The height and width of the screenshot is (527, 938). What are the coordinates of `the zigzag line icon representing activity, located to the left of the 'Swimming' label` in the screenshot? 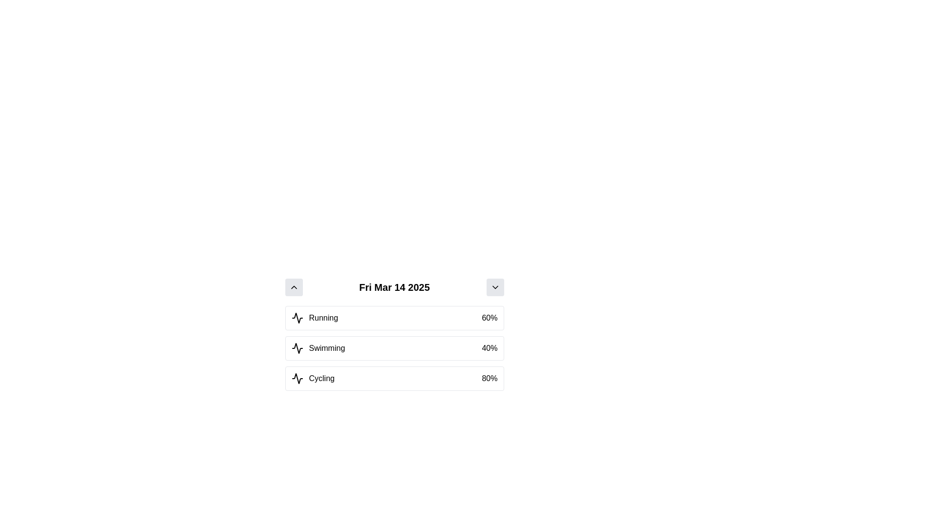 It's located at (297, 347).